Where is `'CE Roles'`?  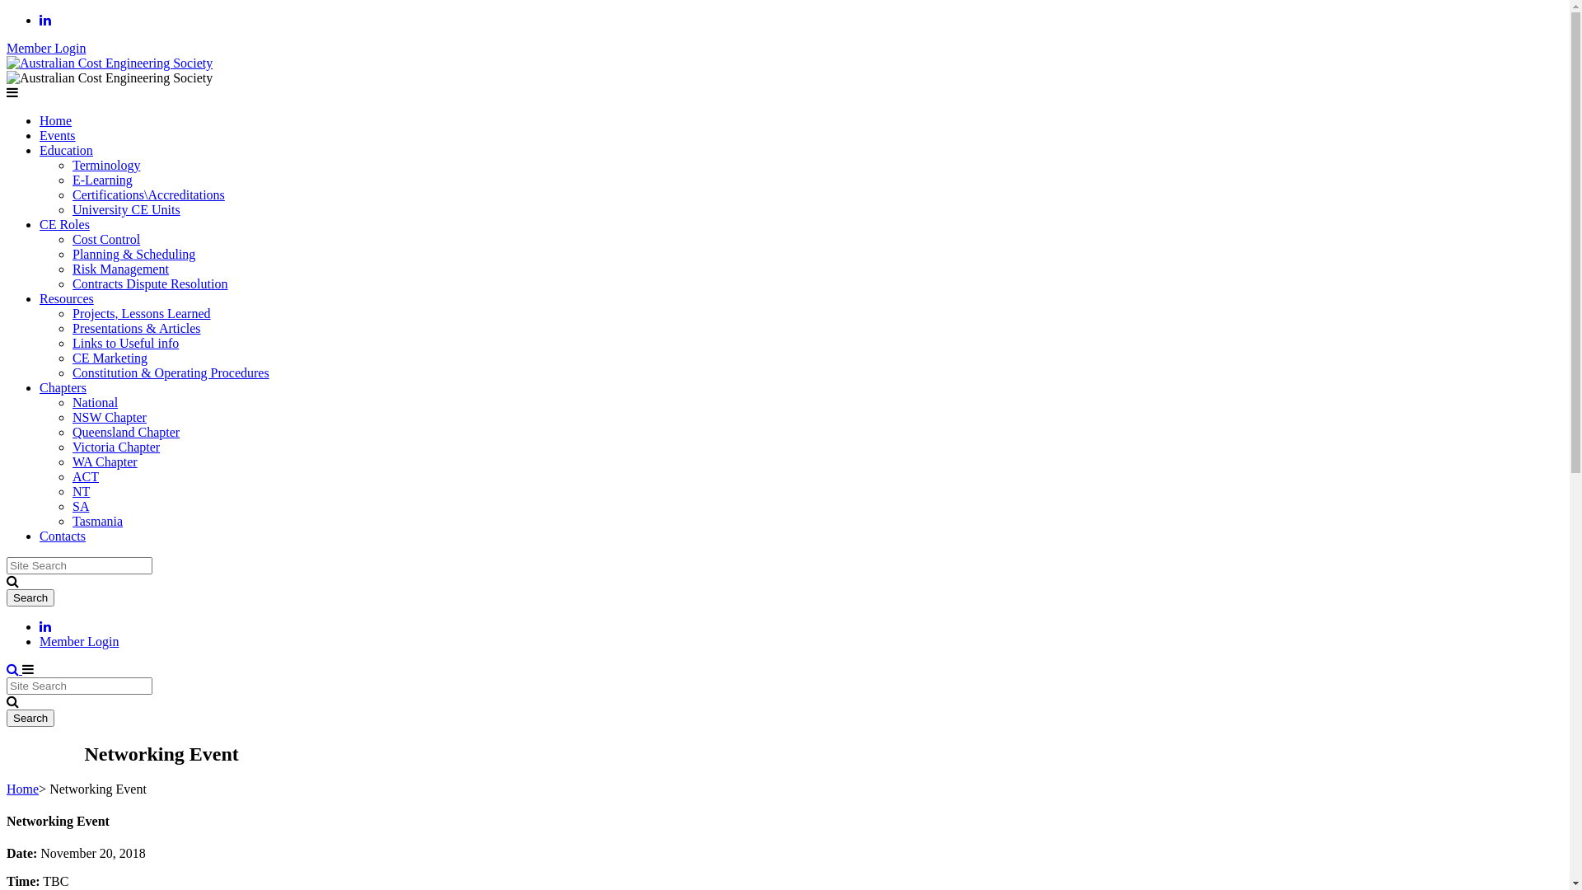
'CE Roles' is located at coordinates (64, 224).